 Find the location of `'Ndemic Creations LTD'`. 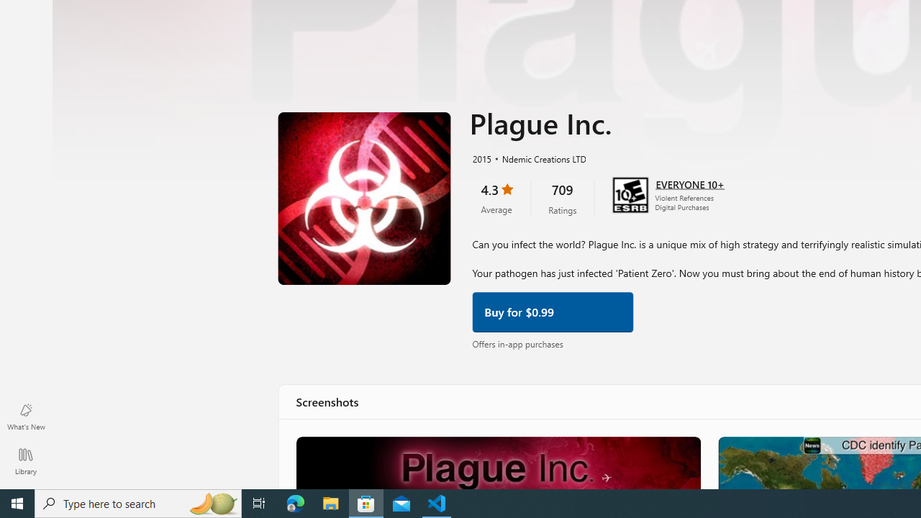

'Ndemic Creations LTD' is located at coordinates (537, 158).